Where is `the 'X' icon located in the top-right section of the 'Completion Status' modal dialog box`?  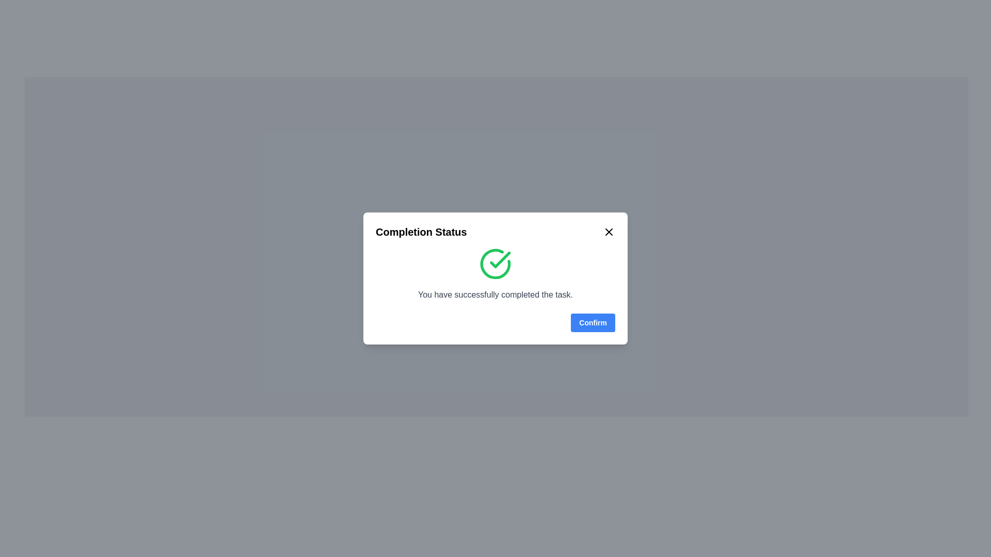 the 'X' icon located in the top-right section of the 'Completion Status' modal dialog box is located at coordinates (609, 232).